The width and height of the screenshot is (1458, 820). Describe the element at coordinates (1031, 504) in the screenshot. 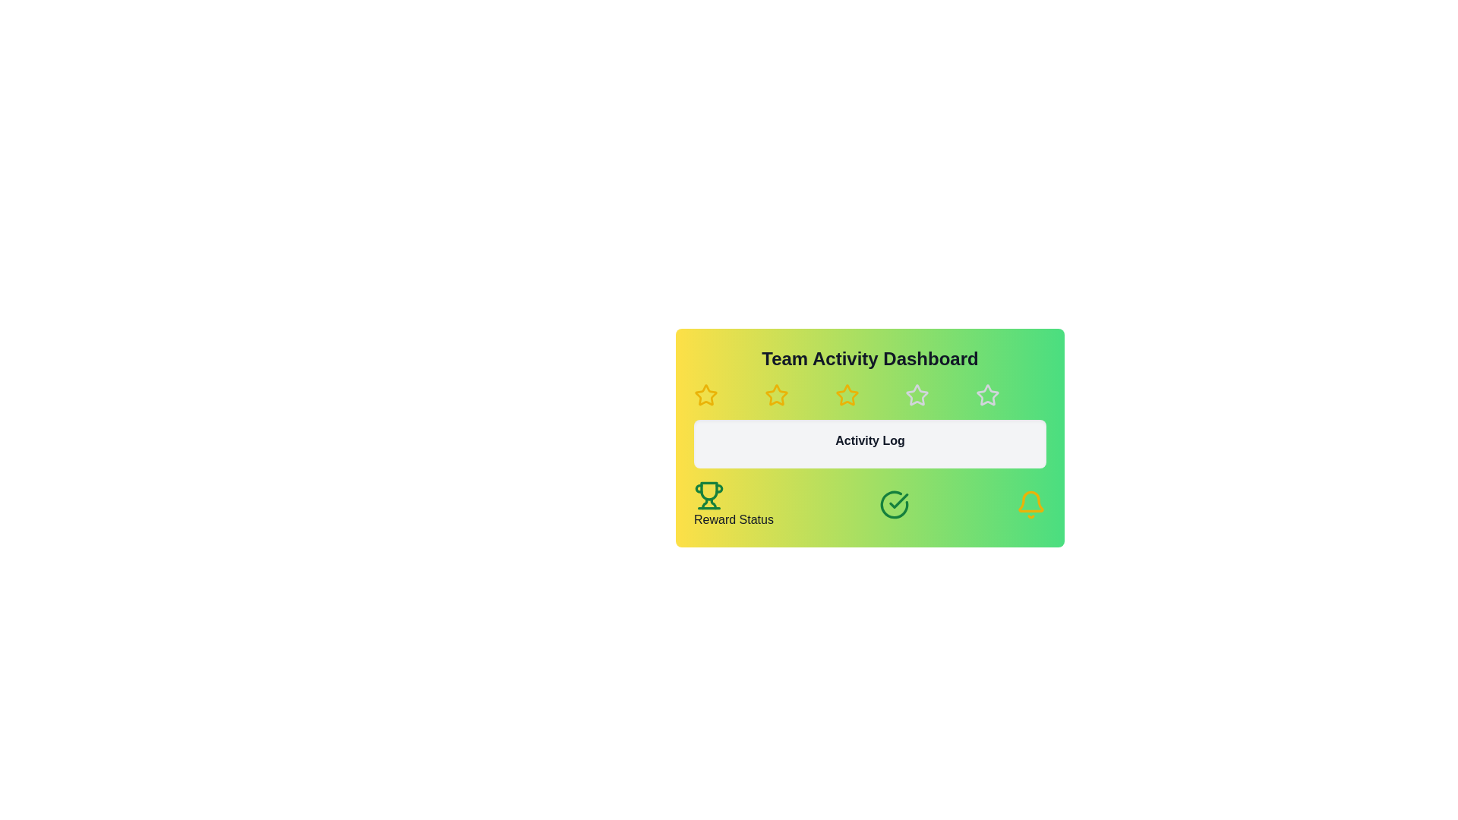

I see `the notification icon located at the bottom-right corner of the 'Reward Status' section` at that location.